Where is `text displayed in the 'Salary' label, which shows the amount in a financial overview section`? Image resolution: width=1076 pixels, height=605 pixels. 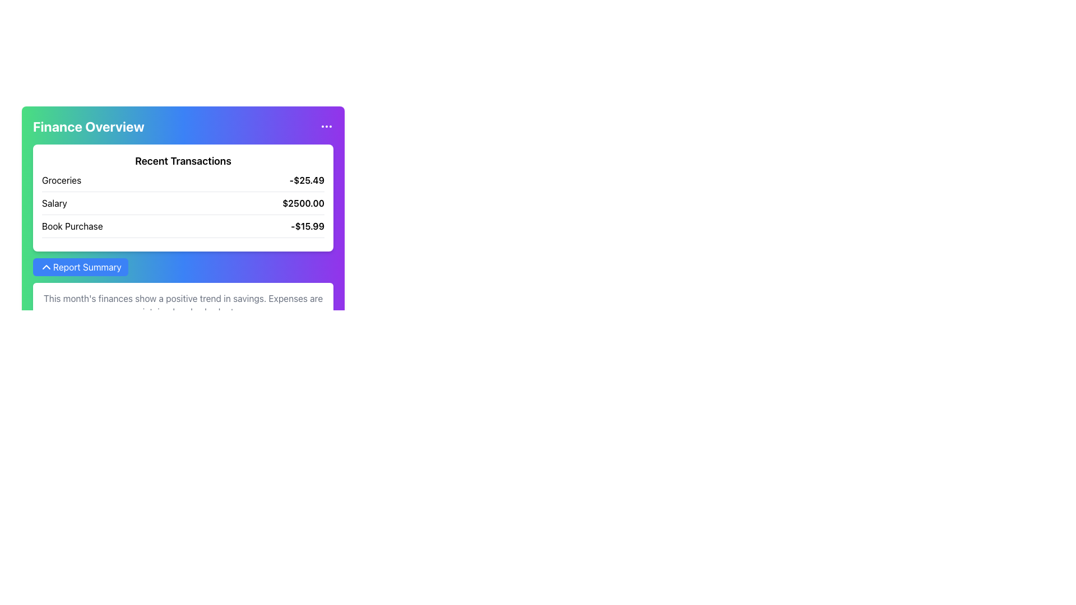
text displayed in the 'Salary' label, which shows the amount in a financial overview section is located at coordinates (54, 203).